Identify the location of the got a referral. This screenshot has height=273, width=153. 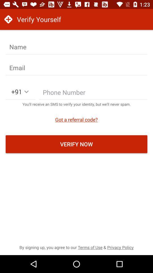
(76, 119).